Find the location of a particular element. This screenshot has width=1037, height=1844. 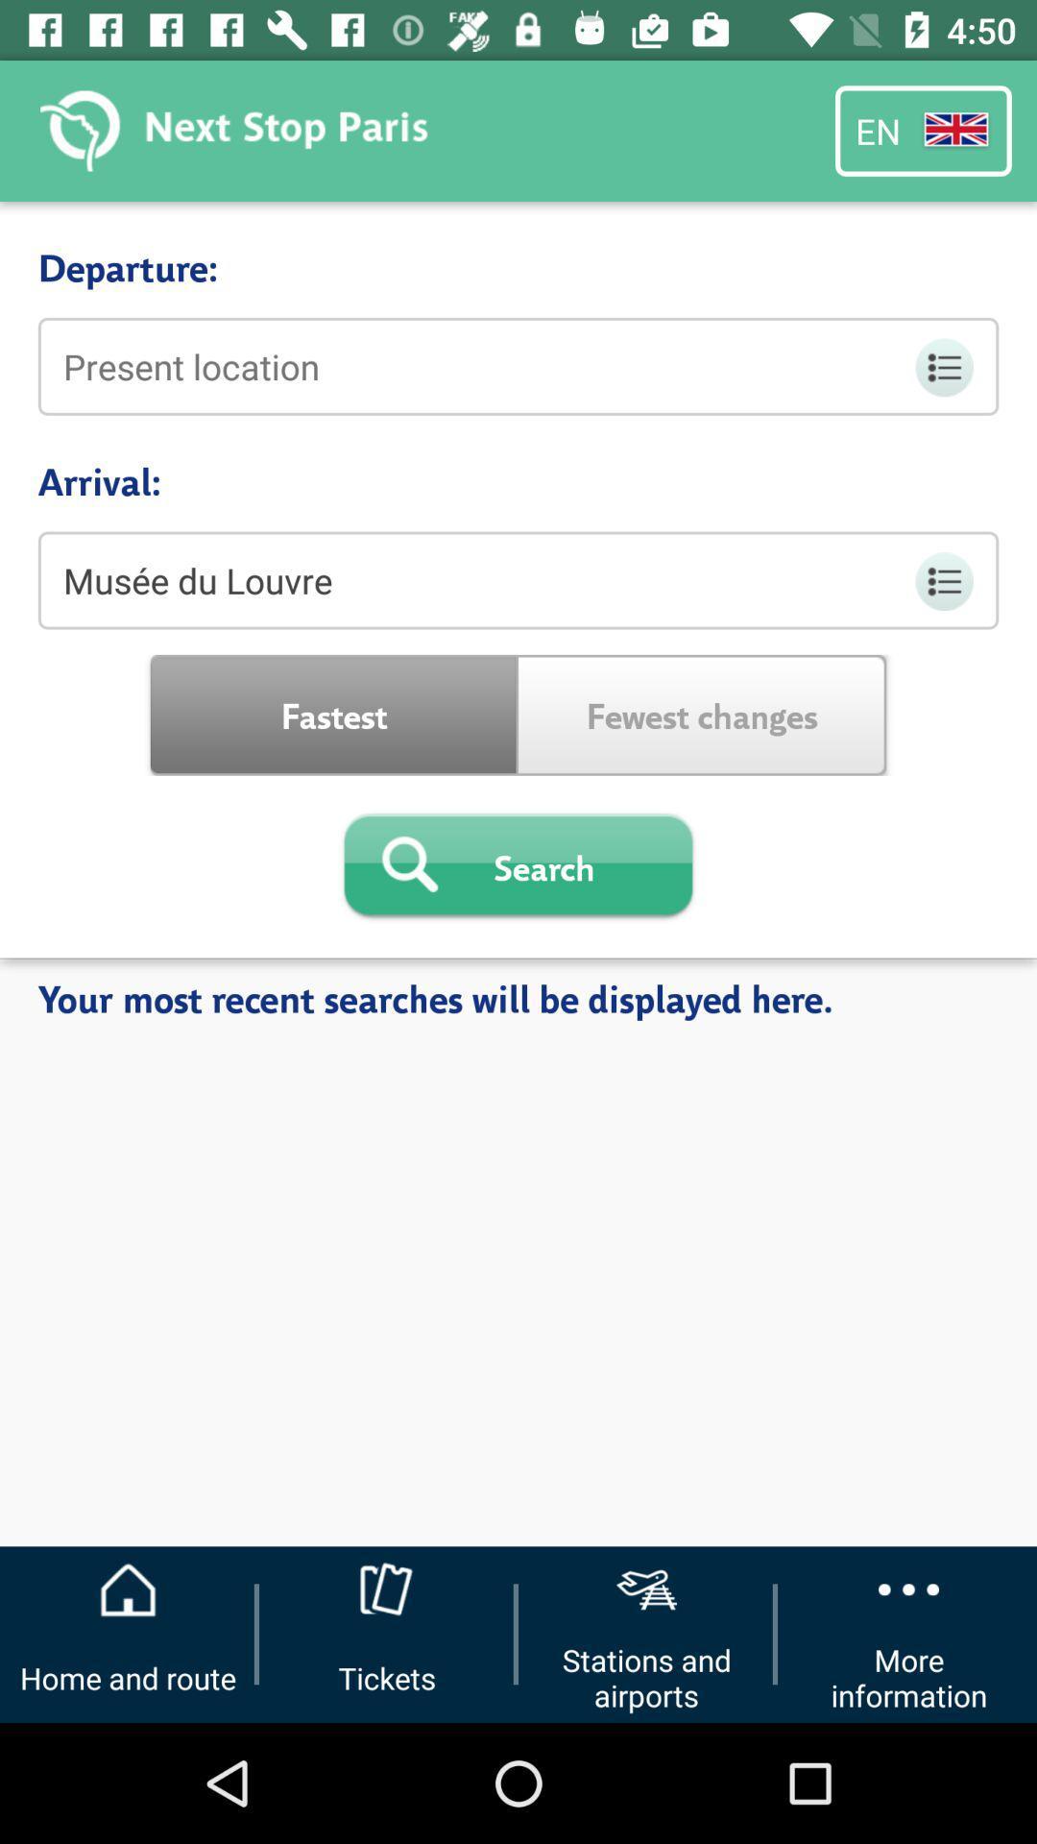

the list icon is located at coordinates (942, 367).